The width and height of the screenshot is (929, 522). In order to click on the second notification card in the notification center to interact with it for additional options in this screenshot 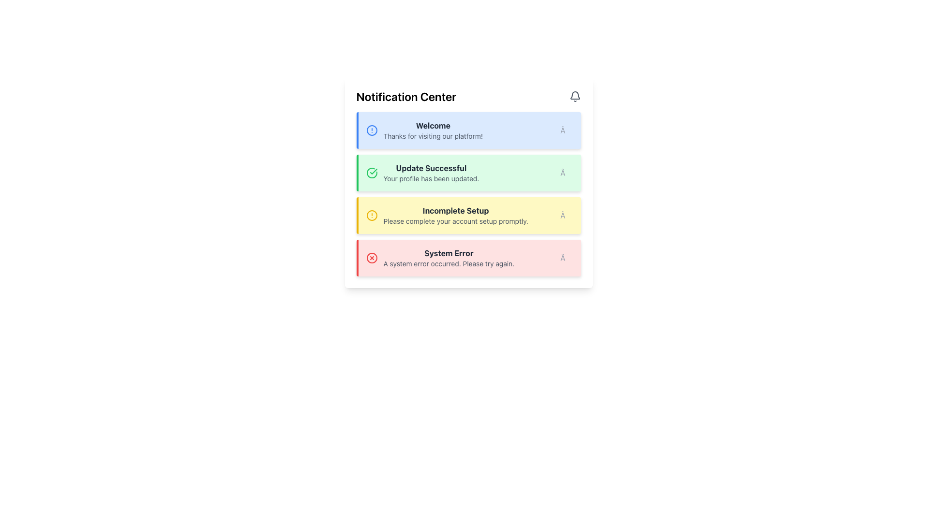, I will do `click(468, 183)`.